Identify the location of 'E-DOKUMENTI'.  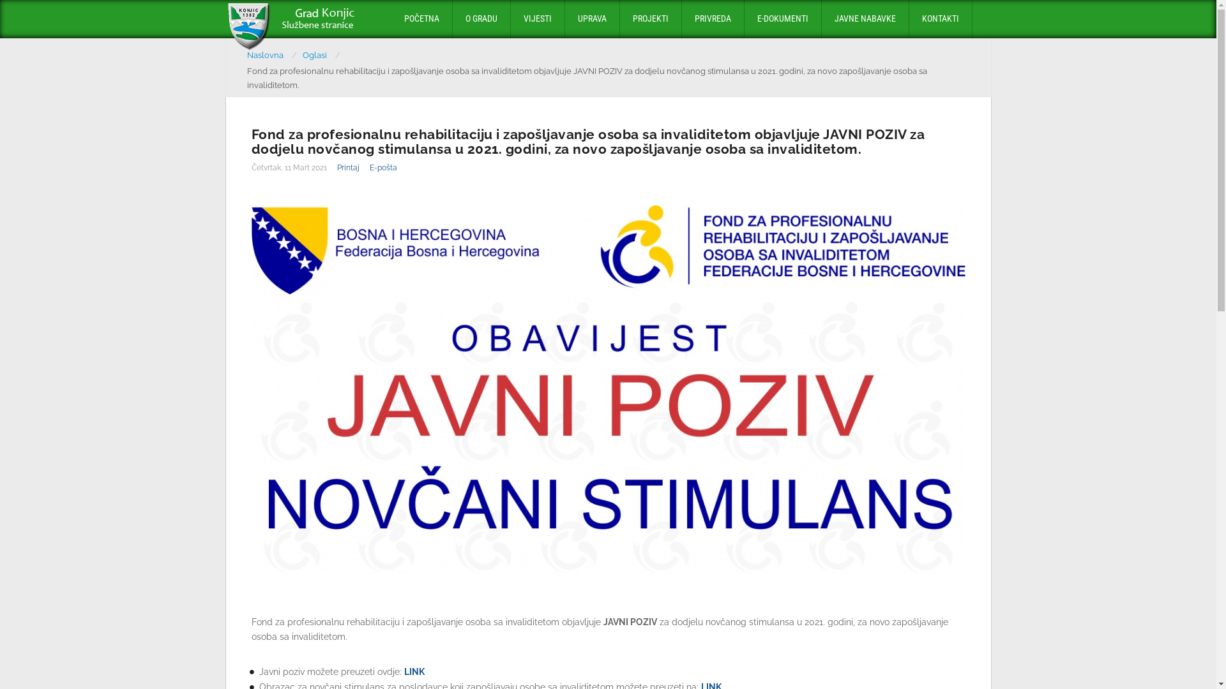
(782, 19).